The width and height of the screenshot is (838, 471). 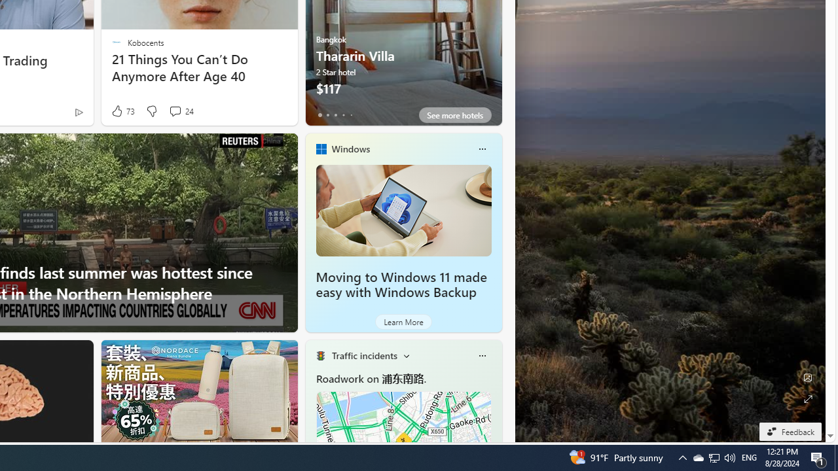 What do you see at coordinates (807, 377) in the screenshot?
I see `'Edit Background'` at bounding box center [807, 377].